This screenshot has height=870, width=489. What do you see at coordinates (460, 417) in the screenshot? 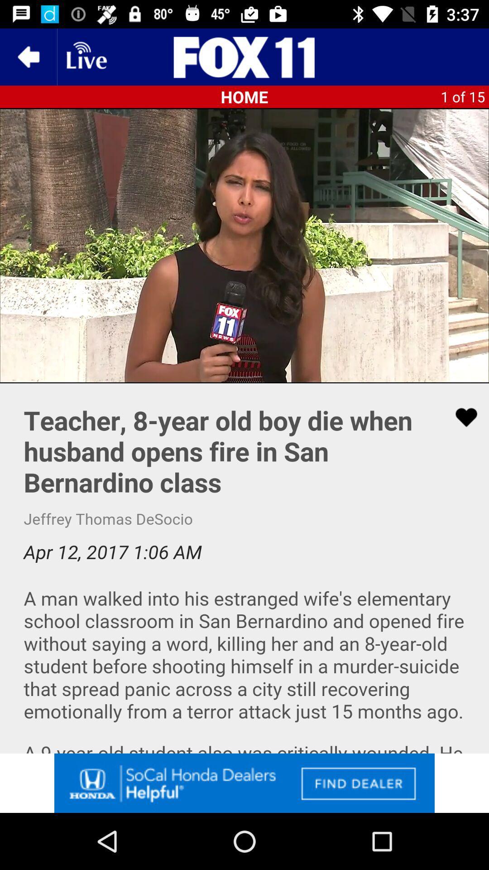
I see `the favorite icon` at bounding box center [460, 417].